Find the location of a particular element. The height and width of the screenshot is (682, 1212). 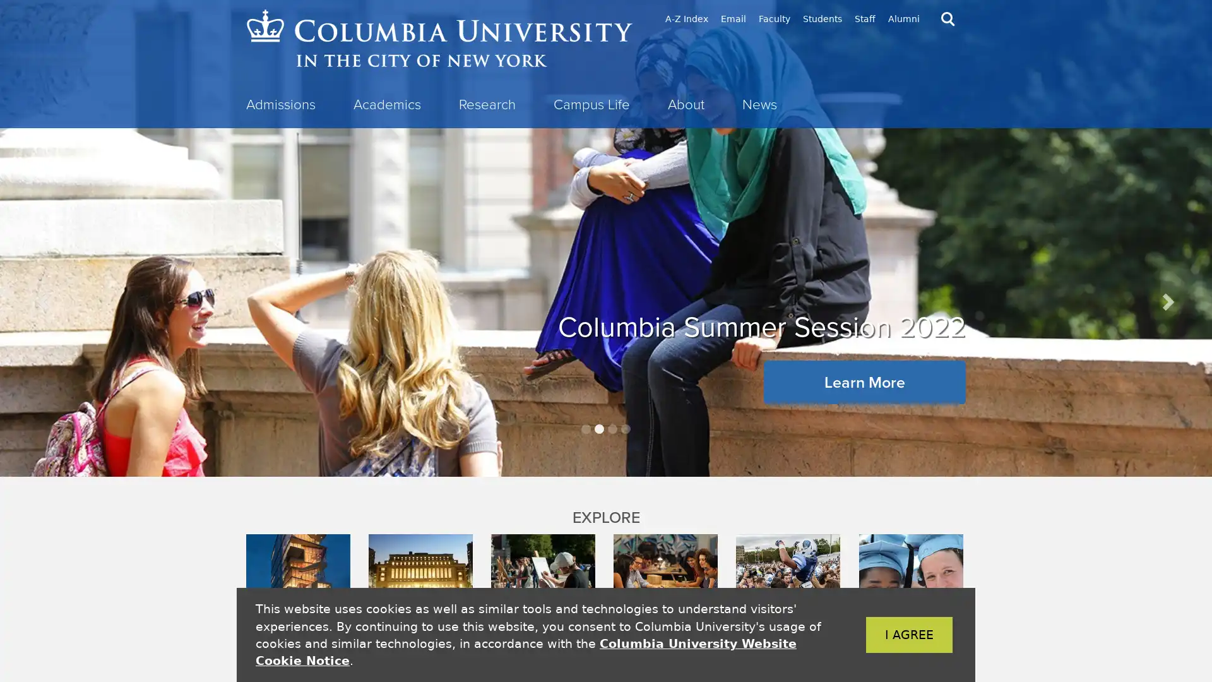

Close Cookie Notice I AGREE is located at coordinates (889, 635).